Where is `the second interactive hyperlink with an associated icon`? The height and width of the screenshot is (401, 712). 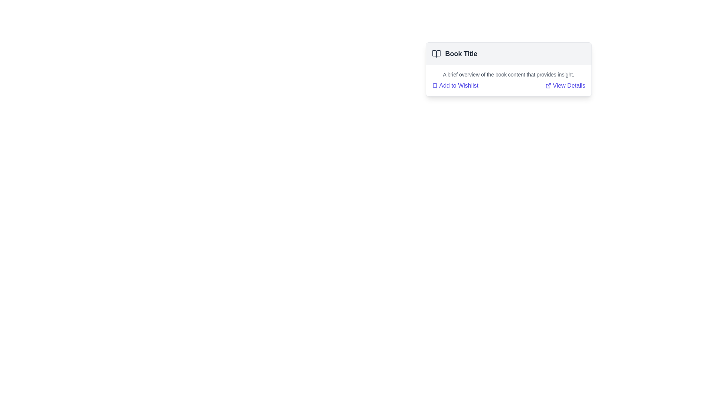
the second interactive hyperlink with an associated icon is located at coordinates (564, 85).